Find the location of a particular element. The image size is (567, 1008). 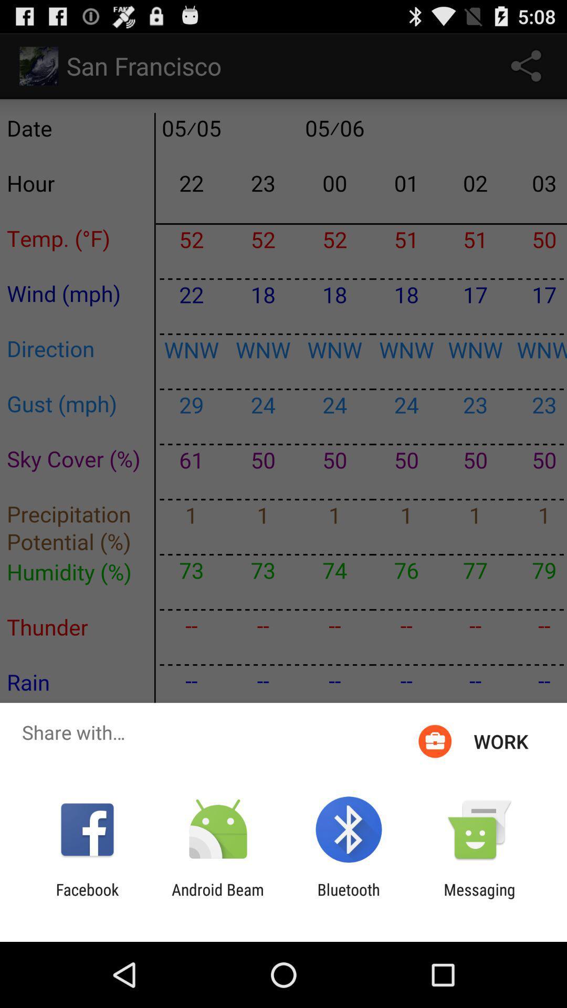

icon next to the android beam is located at coordinates (349, 898).